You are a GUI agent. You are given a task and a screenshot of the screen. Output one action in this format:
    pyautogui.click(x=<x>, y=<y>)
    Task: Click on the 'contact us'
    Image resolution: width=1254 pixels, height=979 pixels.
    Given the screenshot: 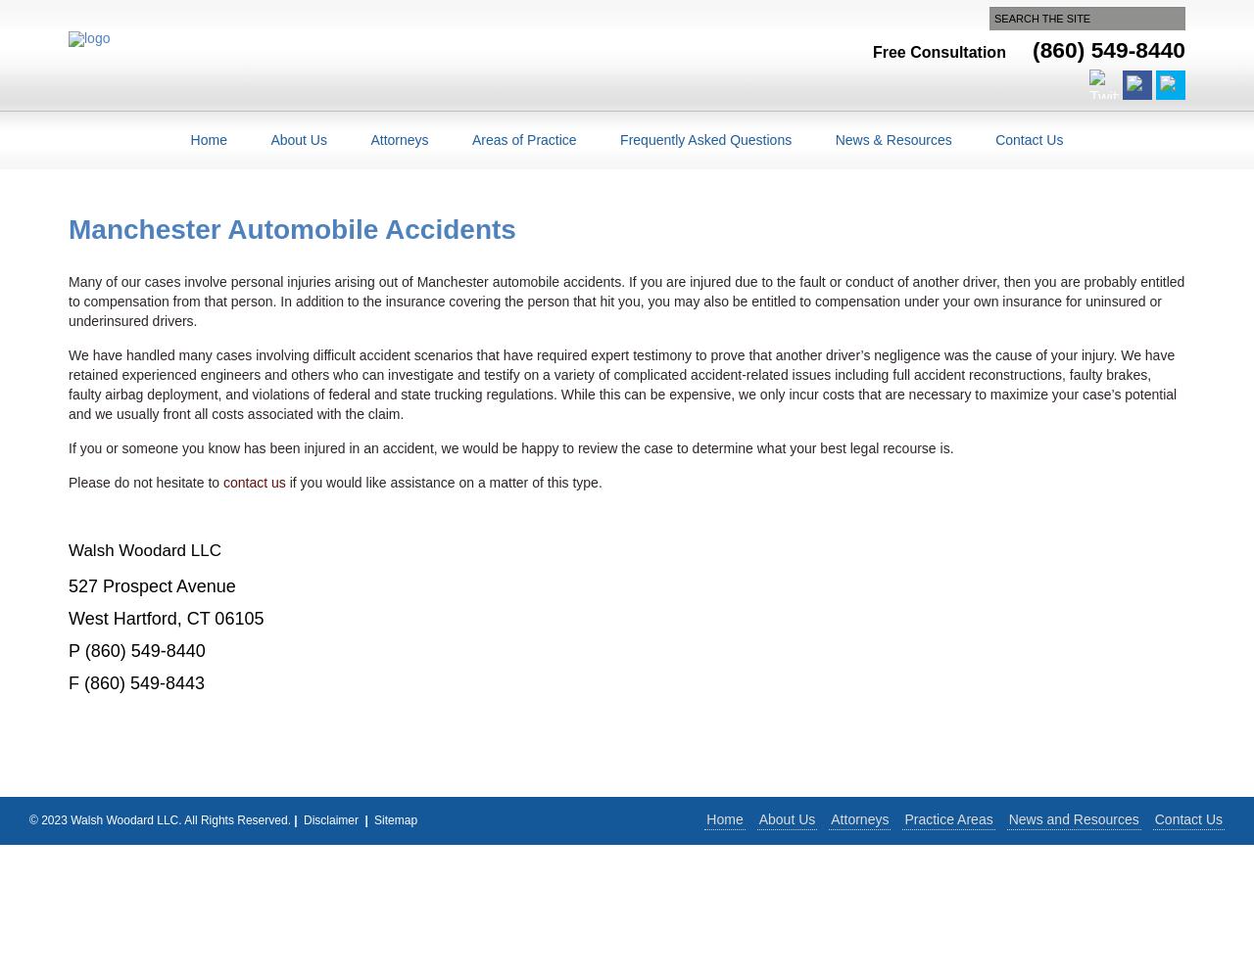 What is the action you would take?
    pyautogui.click(x=222, y=481)
    